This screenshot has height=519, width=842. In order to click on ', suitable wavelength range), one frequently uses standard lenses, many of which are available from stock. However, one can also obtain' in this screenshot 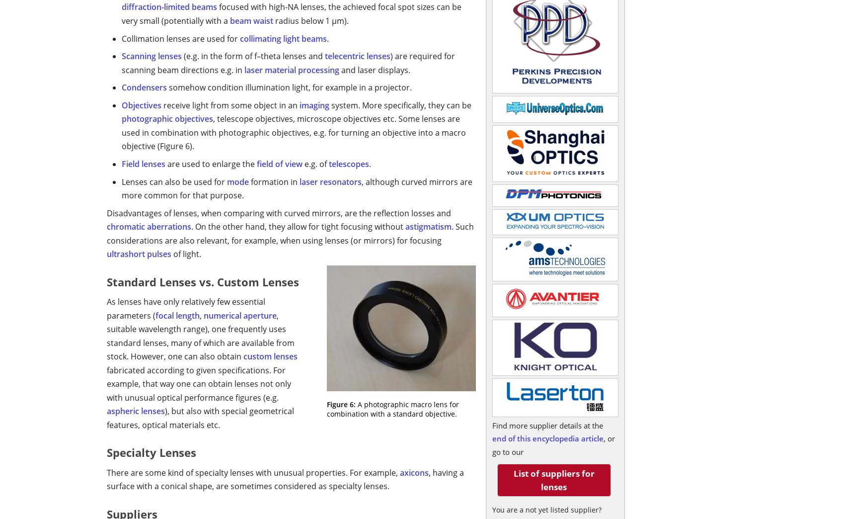, I will do `click(200, 335)`.